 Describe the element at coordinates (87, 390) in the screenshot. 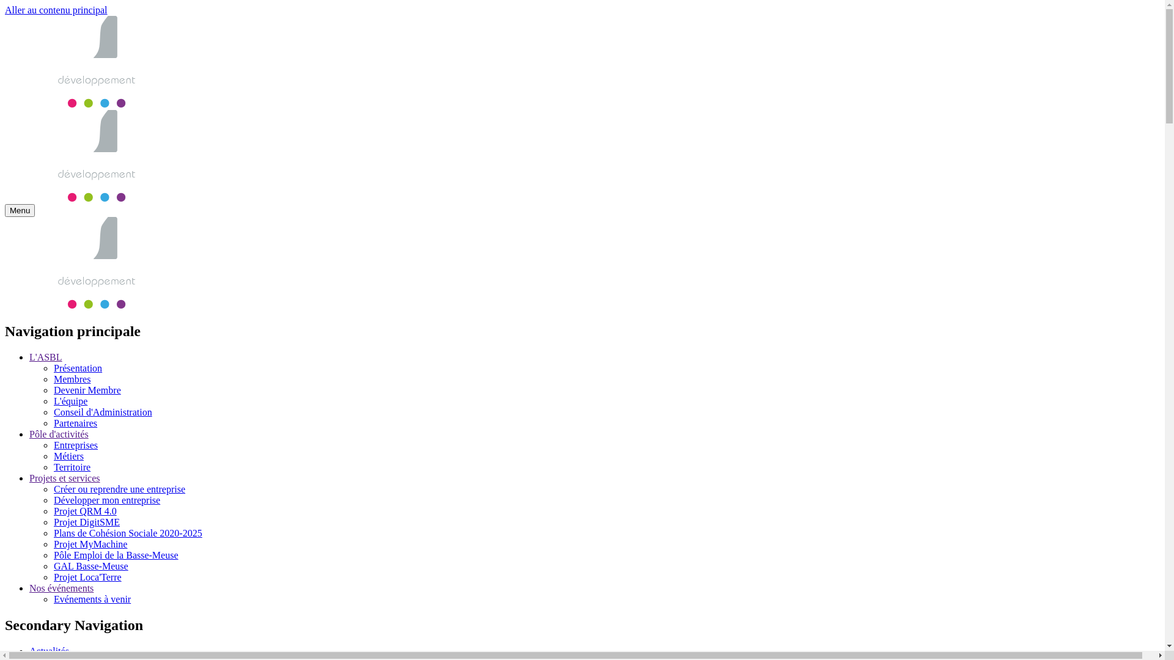

I see `'Devenir Membre'` at that location.